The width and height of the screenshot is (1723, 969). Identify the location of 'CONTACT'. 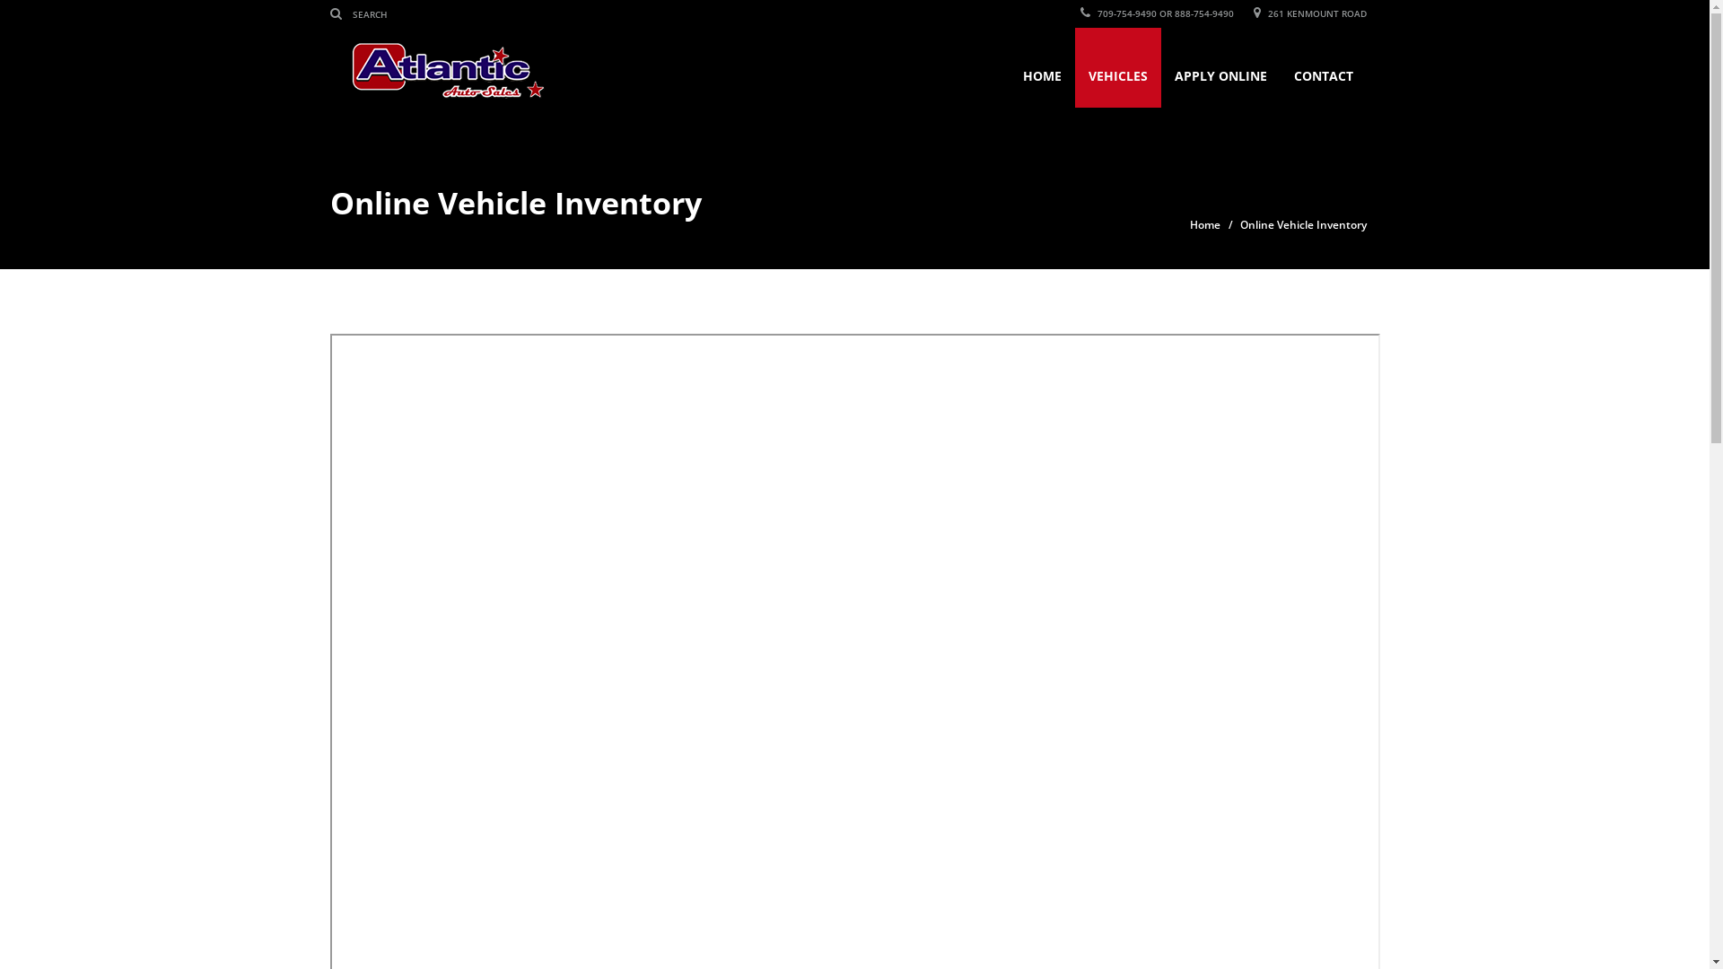
(1322, 66).